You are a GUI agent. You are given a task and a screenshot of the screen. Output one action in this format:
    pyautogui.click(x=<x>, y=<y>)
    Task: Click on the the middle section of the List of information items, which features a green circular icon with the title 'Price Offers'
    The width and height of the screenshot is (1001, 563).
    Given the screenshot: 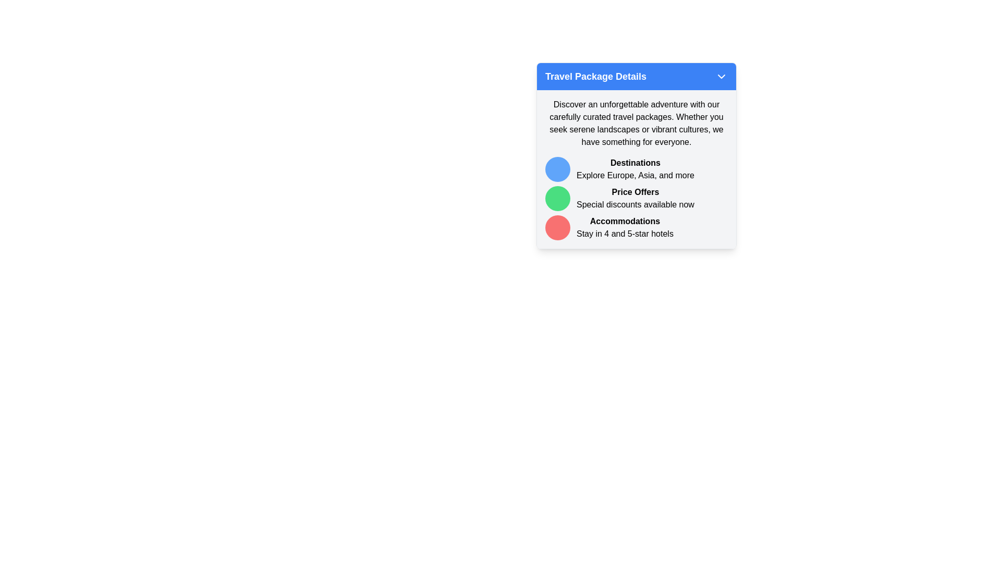 What is the action you would take?
    pyautogui.click(x=636, y=199)
    